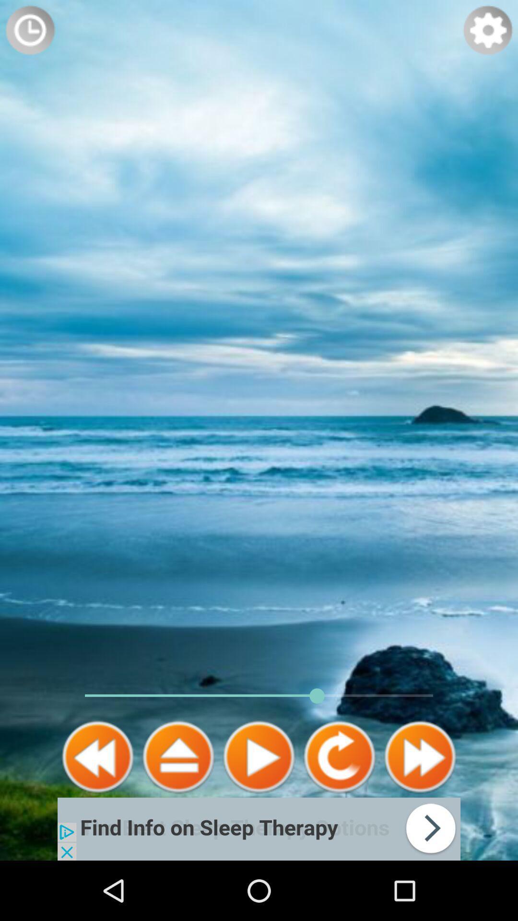  I want to click on set timer, so click(29, 30).